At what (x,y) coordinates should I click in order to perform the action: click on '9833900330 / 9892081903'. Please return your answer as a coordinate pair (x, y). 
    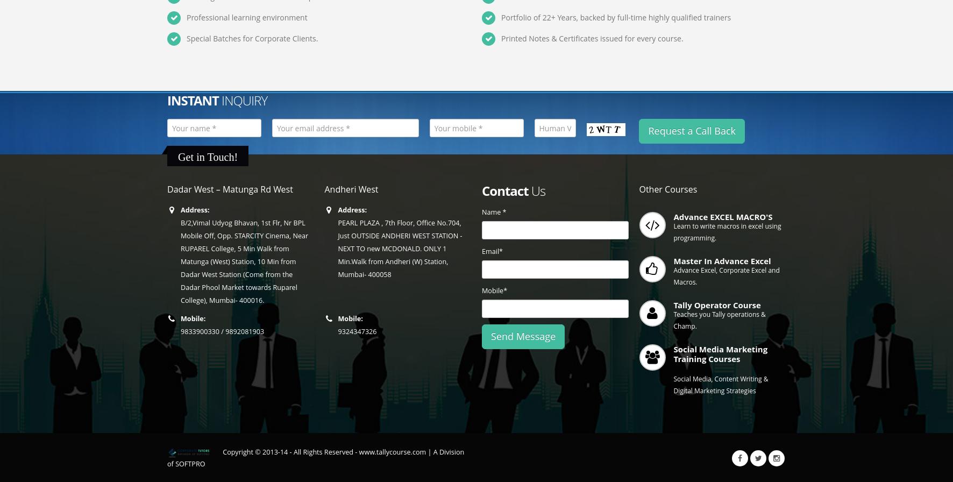
    Looking at the image, I should click on (222, 331).